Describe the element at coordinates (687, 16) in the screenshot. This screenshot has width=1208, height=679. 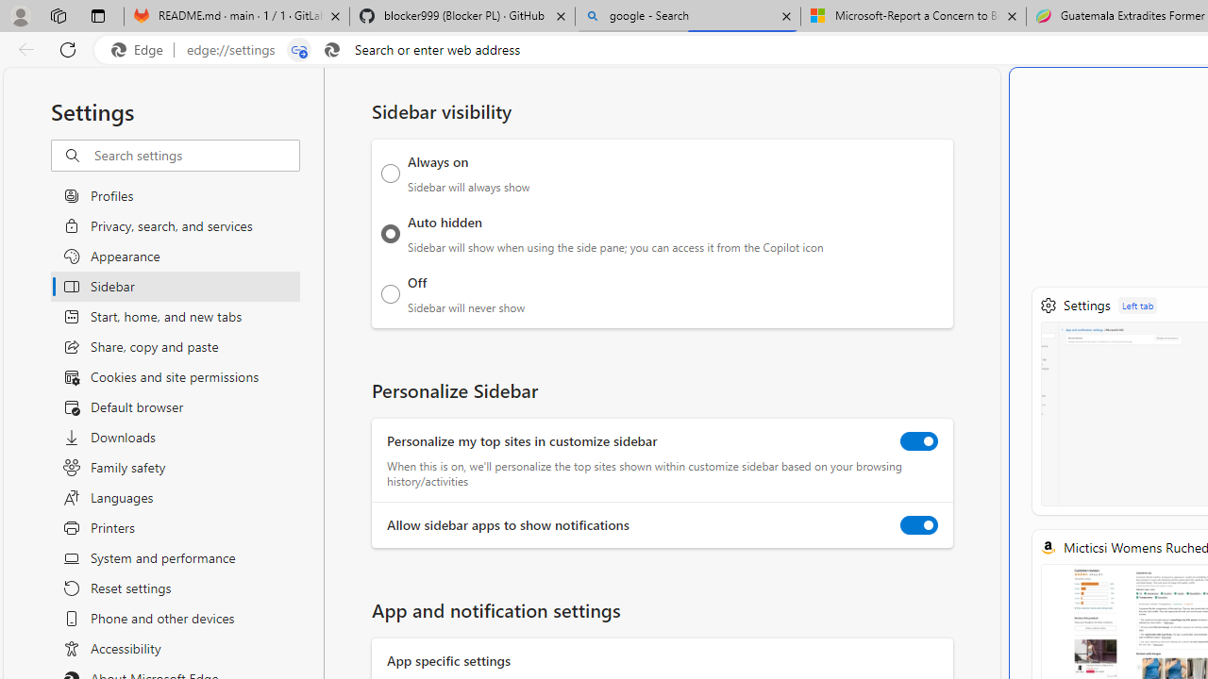
I see `'google - Search'` at that location.